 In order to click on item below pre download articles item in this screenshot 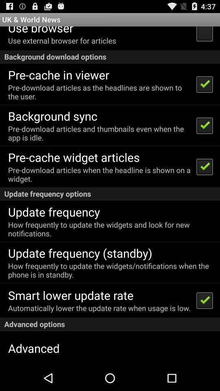, I will do `click(53, 115)`.